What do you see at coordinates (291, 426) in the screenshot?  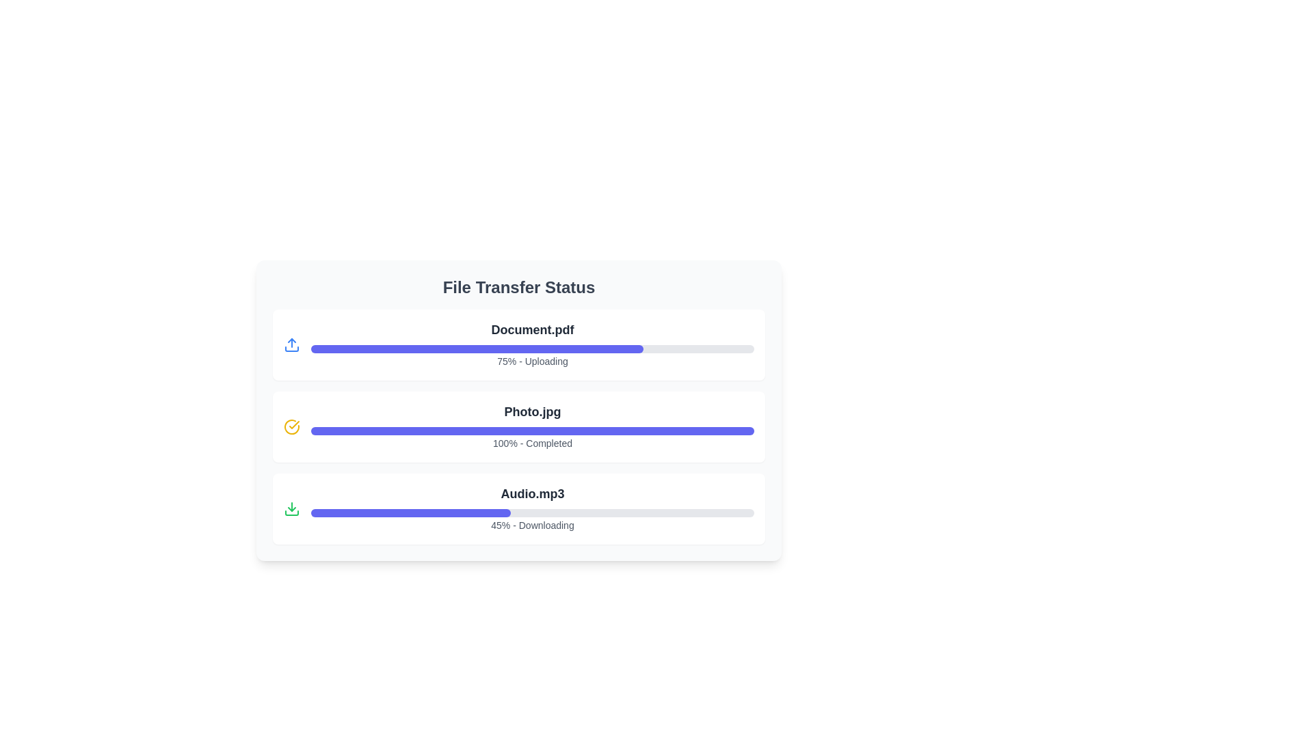 I see `the completion status icon for 'Photo.jpg'` at bounding box center [291, 426].